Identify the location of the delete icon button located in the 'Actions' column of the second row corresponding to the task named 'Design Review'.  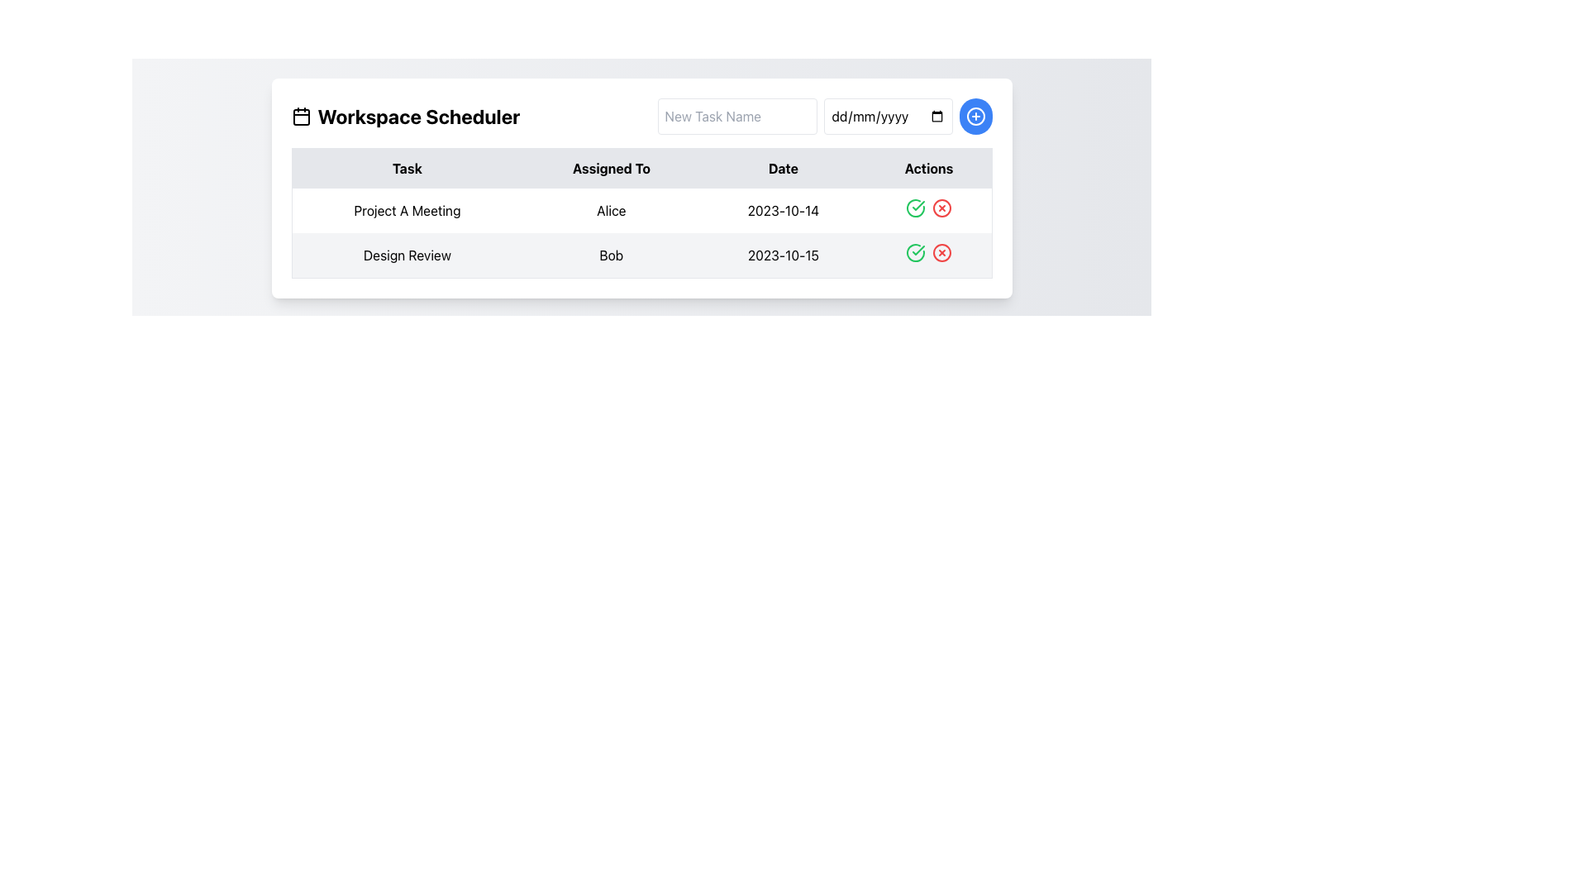
(942, 252).